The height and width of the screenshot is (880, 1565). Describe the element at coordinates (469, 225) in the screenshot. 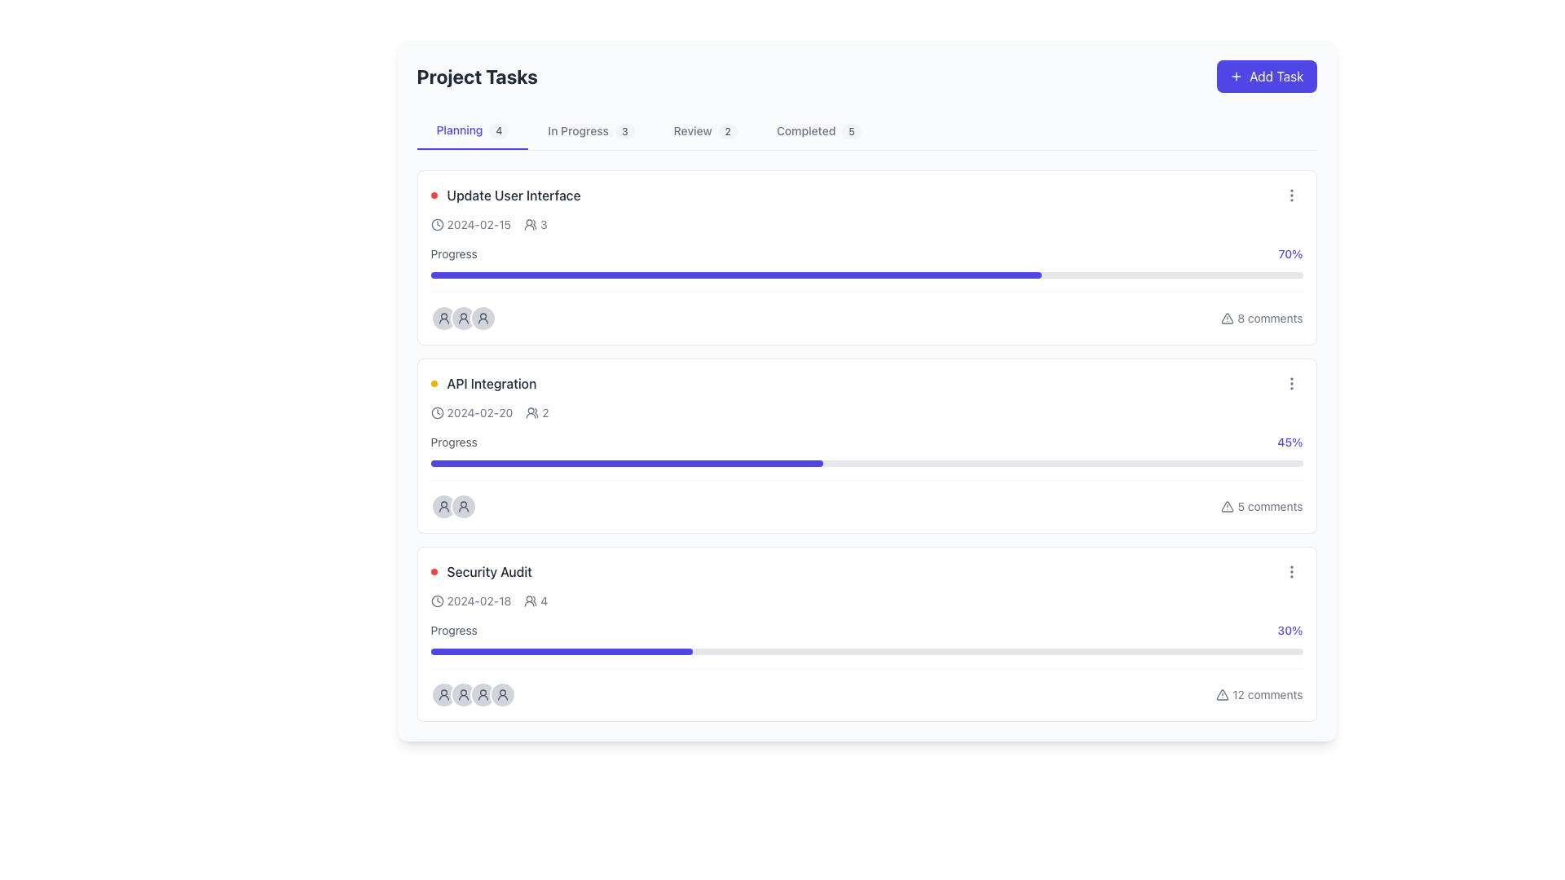

I see `the non-interactive text label displaying the due date for the task 'Update User Interface', which is positioned in the metadata row adjacent to the task title` at that location.